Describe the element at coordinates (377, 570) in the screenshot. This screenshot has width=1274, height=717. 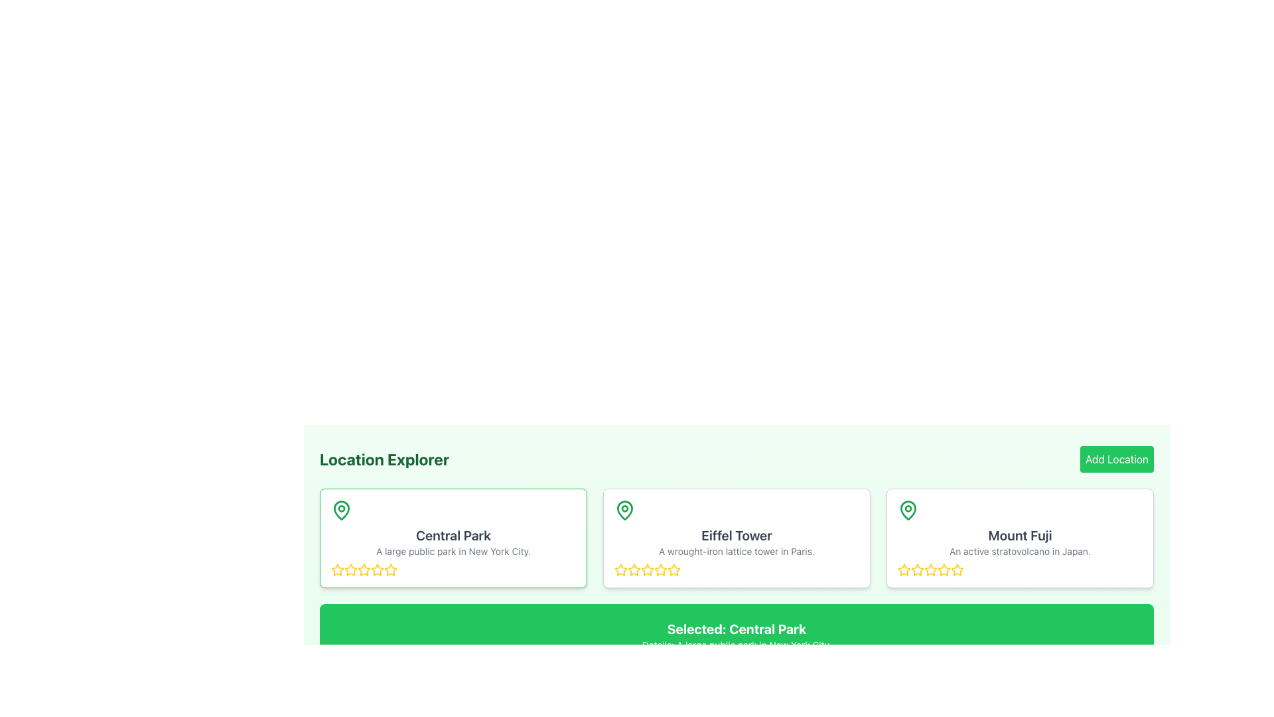
I see `the sixth yellow star icon to rate 'Central Park' in the 'Location Explorer' section` at that location.